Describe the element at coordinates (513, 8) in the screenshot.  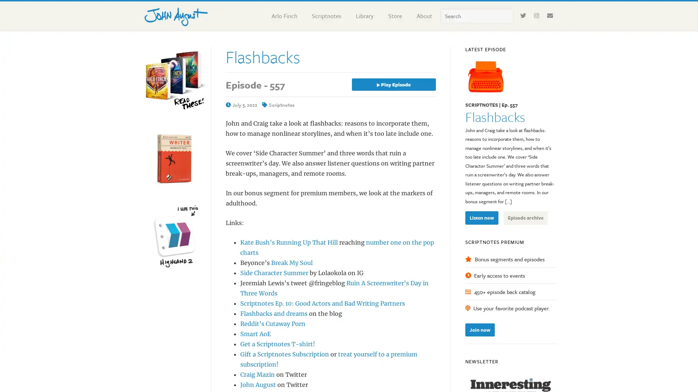
I see `Search` at that location.